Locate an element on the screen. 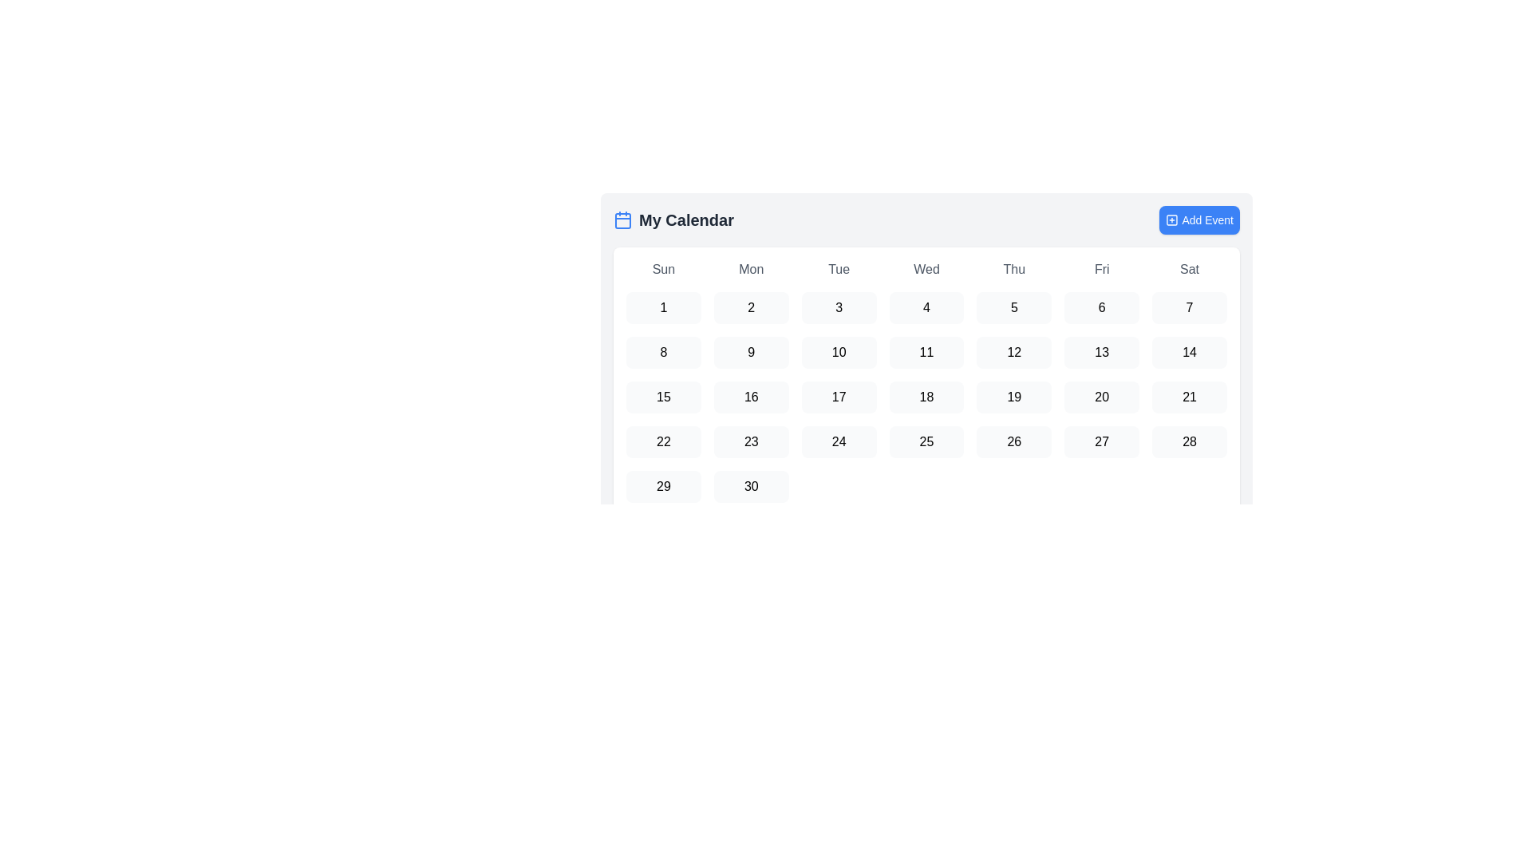 The height and width of the screenshot is (862, 1532). the button representing the 24th day of the month in the calendar interface for keyboard navigation is located at coordinates (838, 442).